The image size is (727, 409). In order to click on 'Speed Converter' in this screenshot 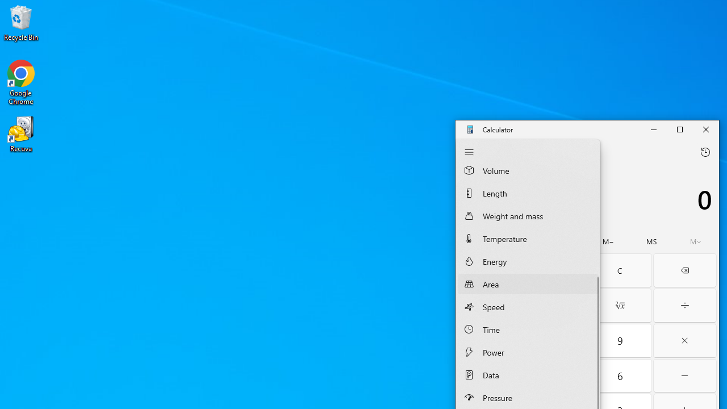, I will do `click(527, 307)`.